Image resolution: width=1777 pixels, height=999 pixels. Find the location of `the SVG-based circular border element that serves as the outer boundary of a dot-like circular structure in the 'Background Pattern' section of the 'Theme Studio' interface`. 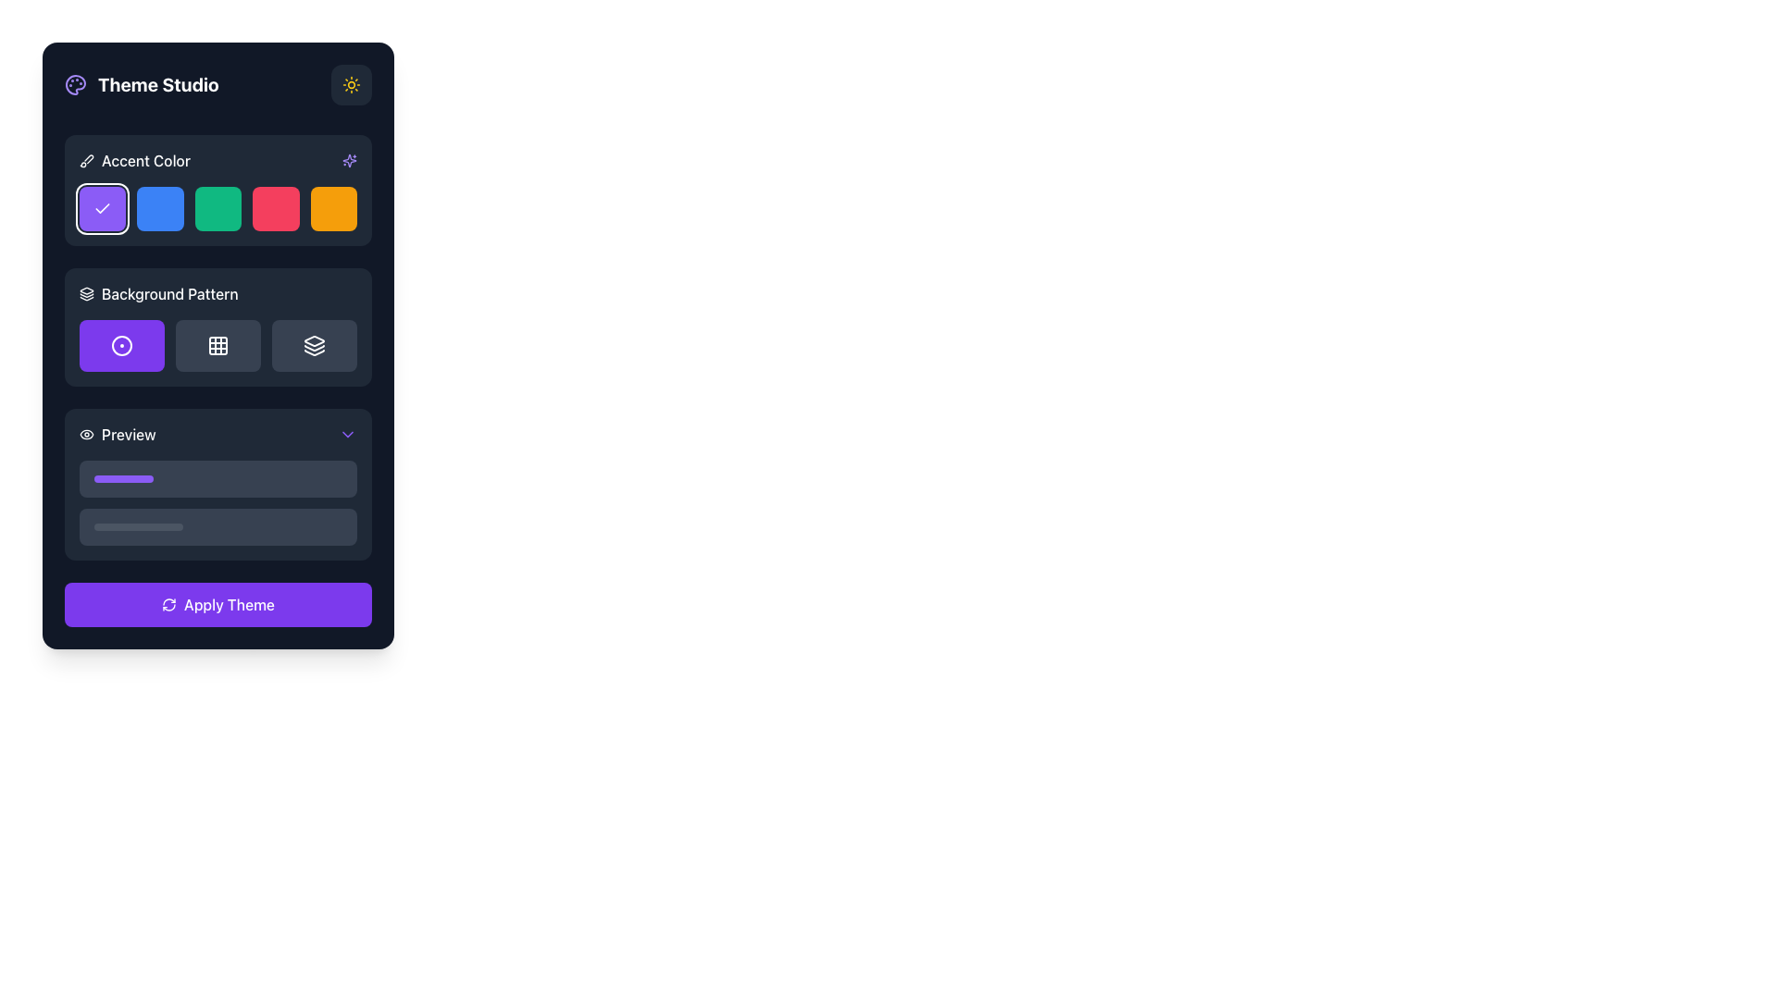

the SVG-based circular border element that serves as the outer boundary of a dot-like circular structure in the 'Background Pattern' section of the 'Theme Studio' interface is located at coordinates (121, 346).